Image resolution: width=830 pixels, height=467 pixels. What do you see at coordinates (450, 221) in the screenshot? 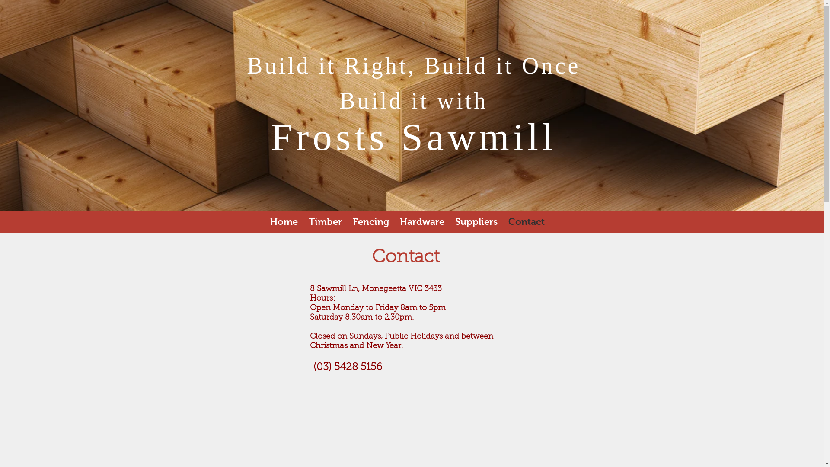
I see `'Suppliers'` at bounding box center [450, 221].